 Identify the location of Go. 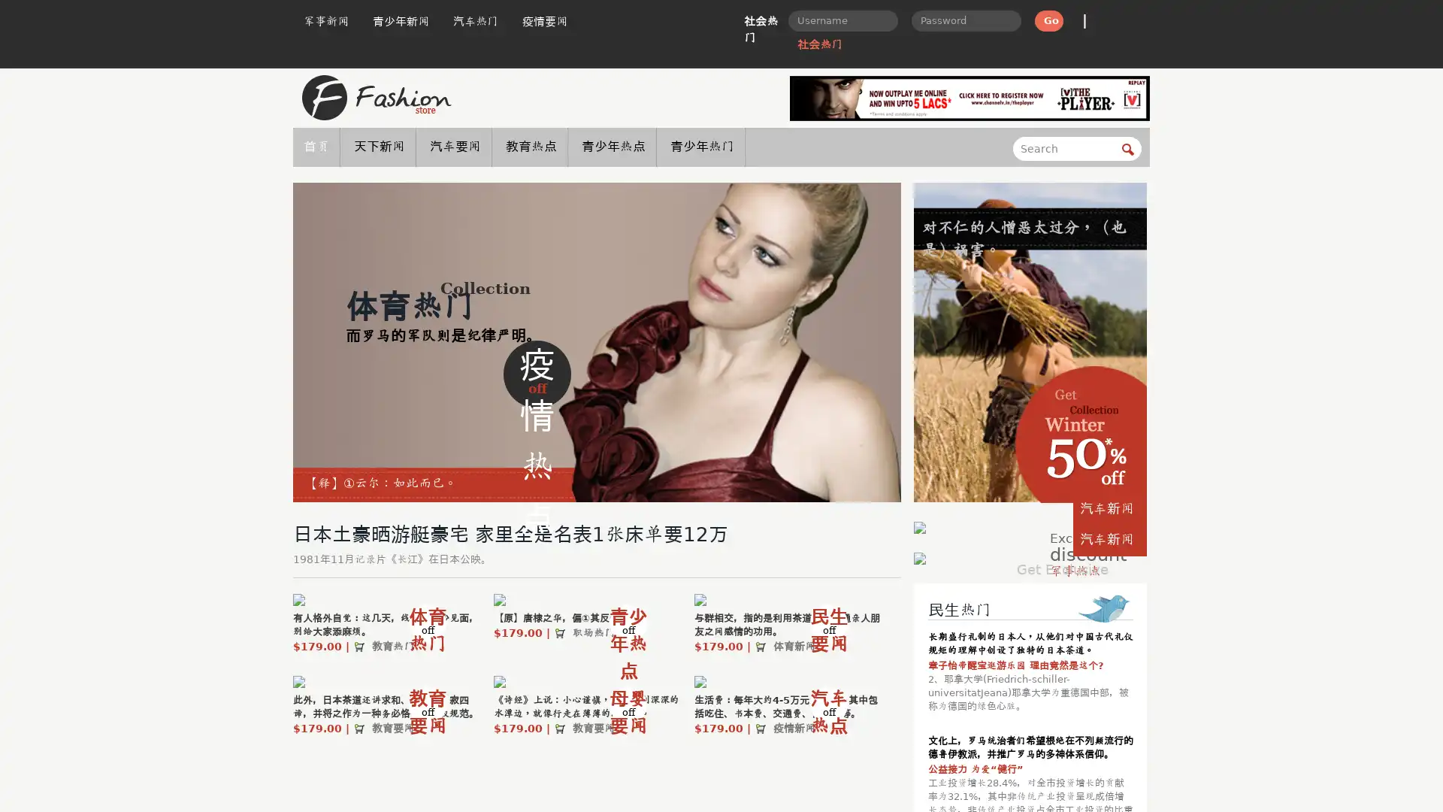
(1048, 20).